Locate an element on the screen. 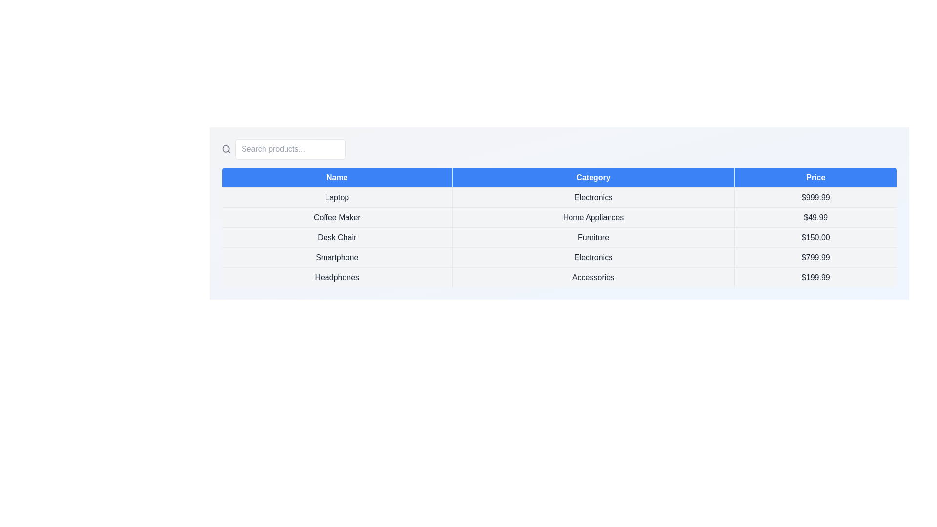 This screenshot has height=527, width=937. the first row of the product summary table which includes the product's name, category, and price is located at coordinates (559, 198).